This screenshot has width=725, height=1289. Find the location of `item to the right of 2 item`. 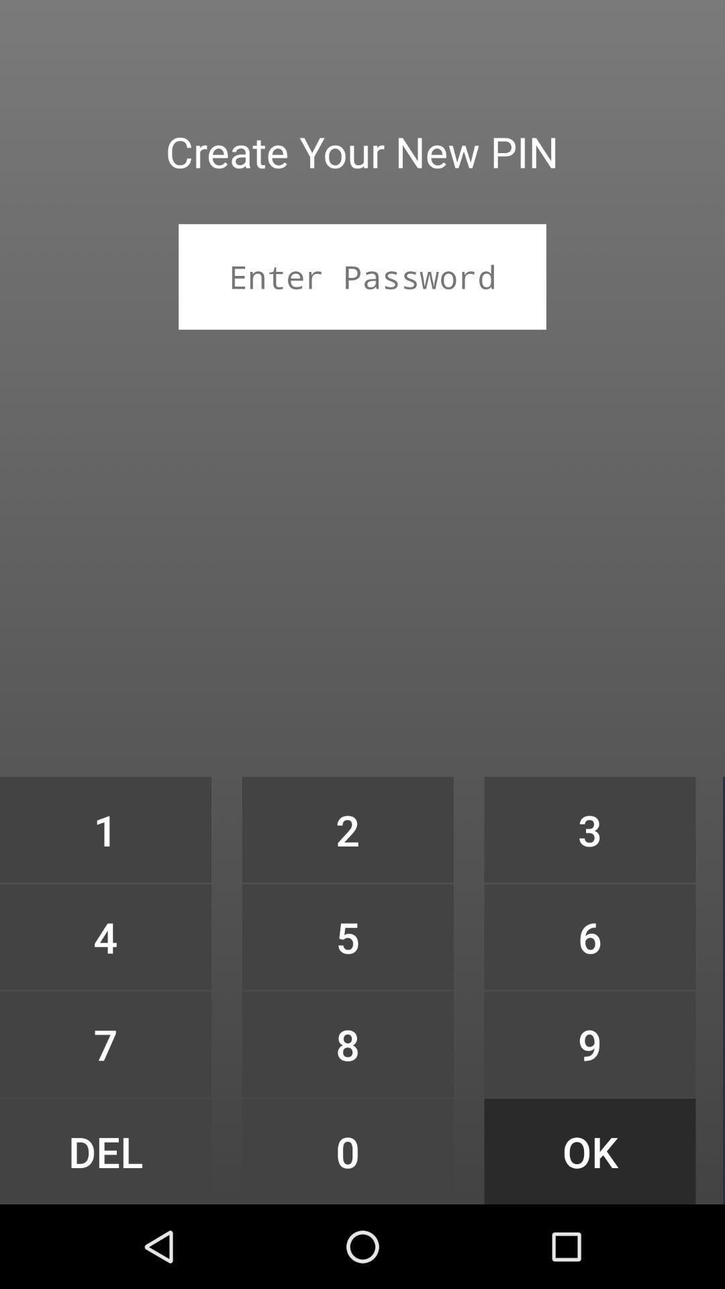

item to the right of 2 item is located at coordinates (589, 936).